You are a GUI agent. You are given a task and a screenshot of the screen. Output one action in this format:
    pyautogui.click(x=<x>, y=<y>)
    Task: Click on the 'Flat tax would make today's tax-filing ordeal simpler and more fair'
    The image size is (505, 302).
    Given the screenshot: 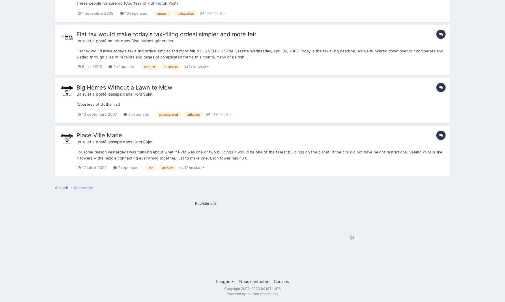 What is the action you would take?
    pyautogui.click(x=76, y=34)
    